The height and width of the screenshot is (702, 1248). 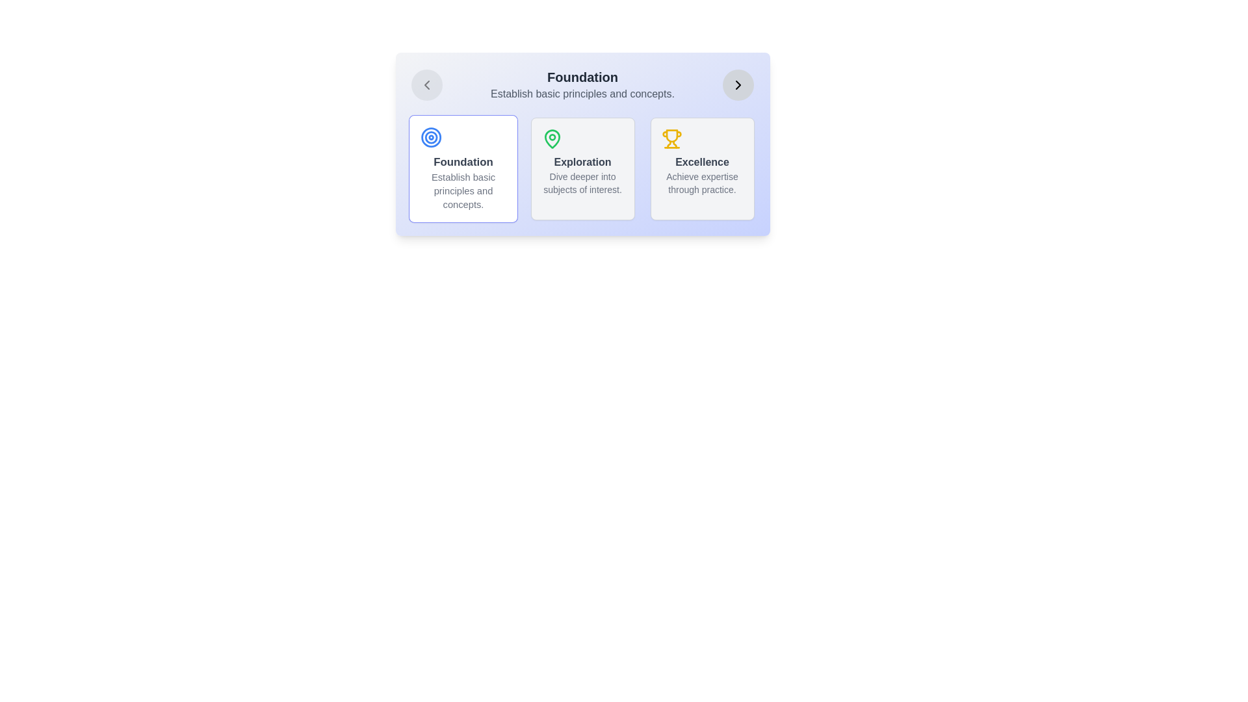 What do you see at coordinates (671, 138) in the screenshot?
I see `the trophy icon in the 'Excellence' card, which is designed in a yellow line-art style and indicates achievement` at bounding box center [671, 138].